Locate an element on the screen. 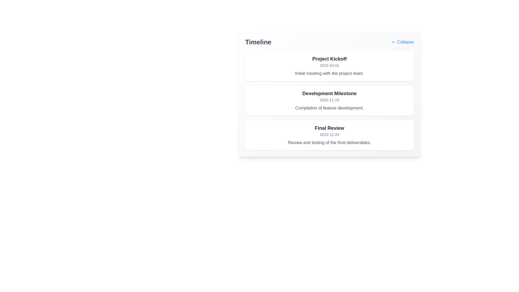 The width and height of the screenshot is (519, 292). the date label indicating the scheduled completion within the 'Development Milestone' card, positioned between the title and description text is located at coordinates (329, 100).